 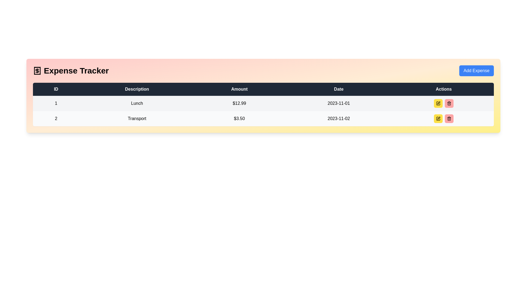 What do you see at coordinates (37, 70) in the screenshot?
I see `the SVG Icon located at the top left corner of the header section preceding the title 'Expense Tracker'` at bounding box center [37, 70].